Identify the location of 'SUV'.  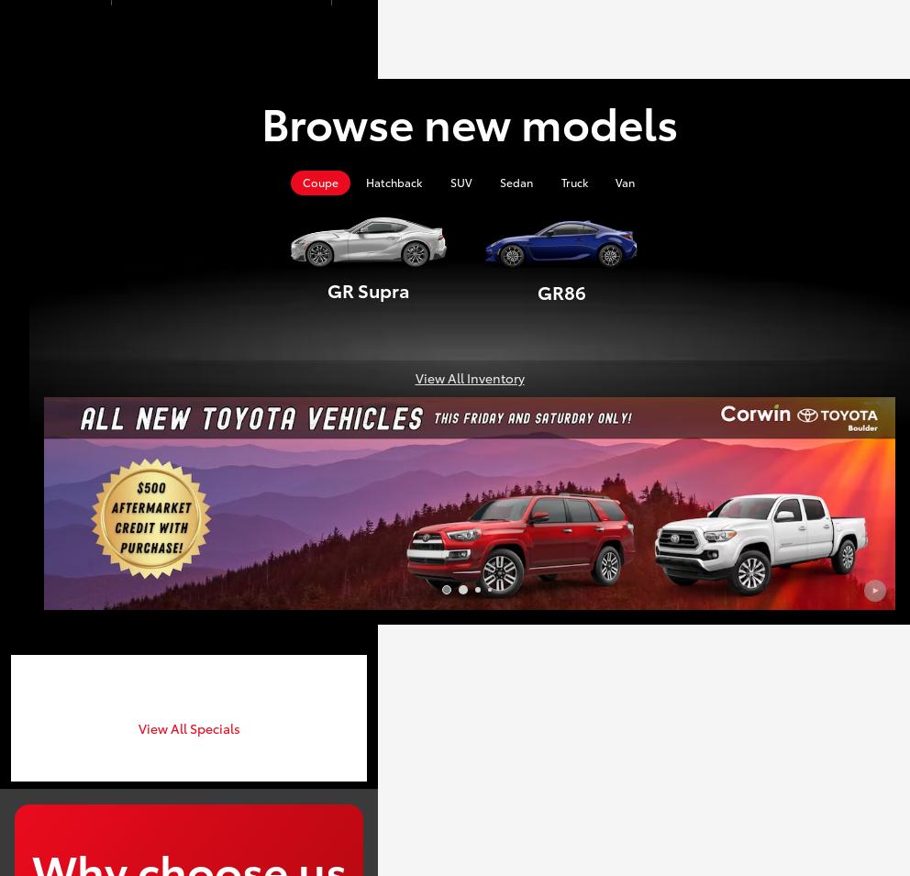
(449, 182).